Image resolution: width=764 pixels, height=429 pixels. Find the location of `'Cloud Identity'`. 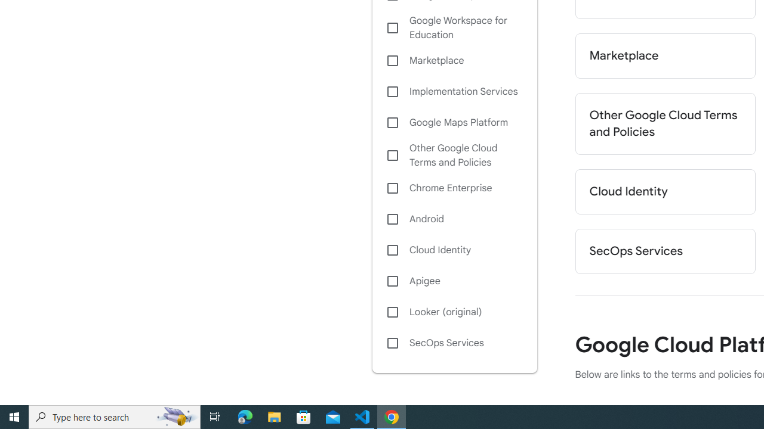

'Cloud Identity' is located at coordinates (454, 249).